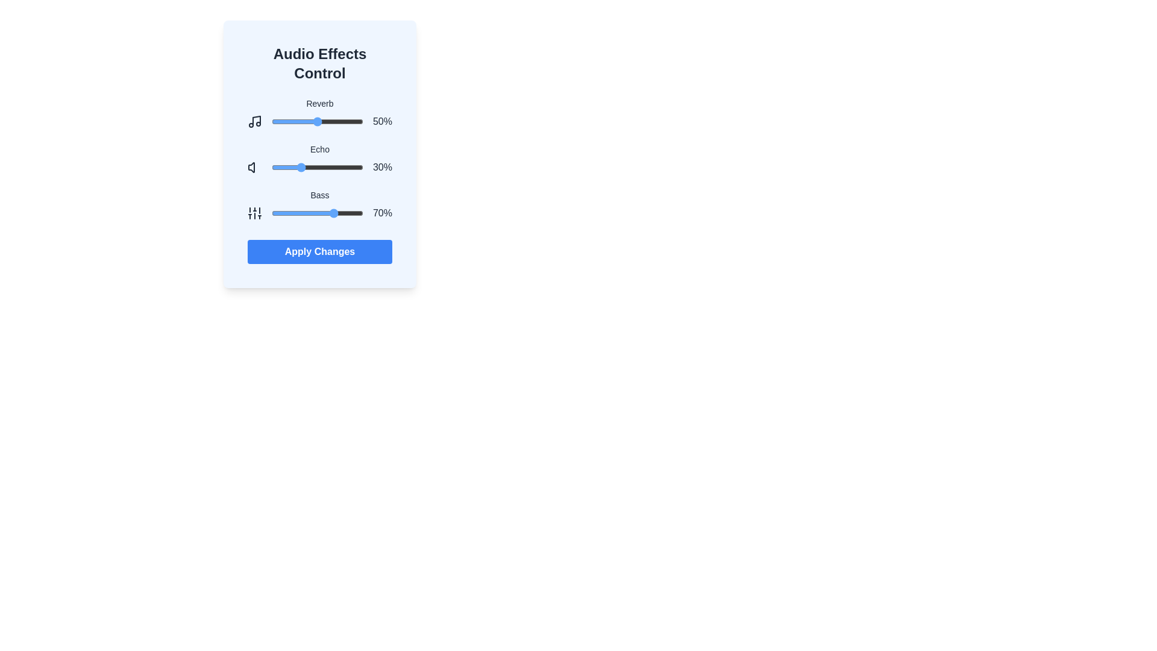 The height and width of the screenshot is (651, 1157). I want to click on the 'Echo' control icon in the audio effects panel, positioned between the 'Reverb' and 'Bass' icons, so click(251, 167).